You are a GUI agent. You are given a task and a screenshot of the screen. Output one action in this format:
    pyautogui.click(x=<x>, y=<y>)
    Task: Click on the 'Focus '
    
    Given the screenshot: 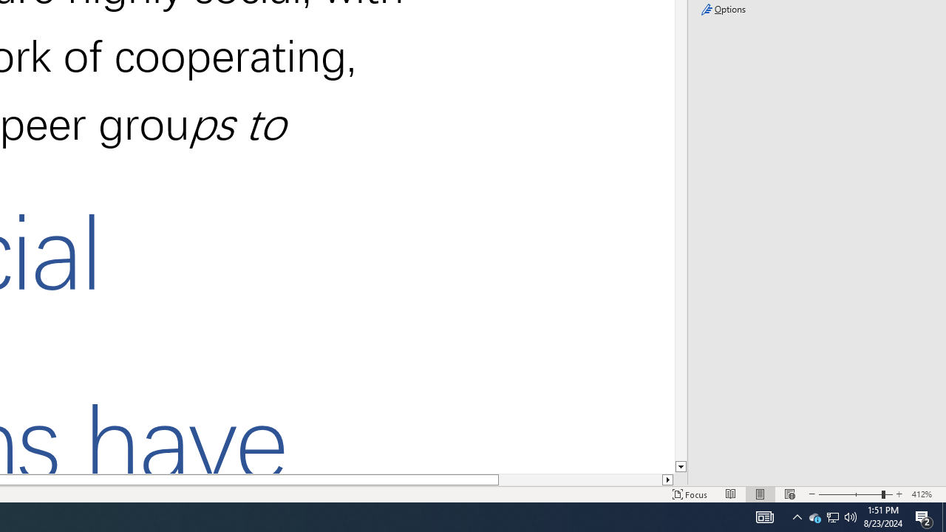 What is the action you would take?
    pyautogui.click(x=690, y=494)
    